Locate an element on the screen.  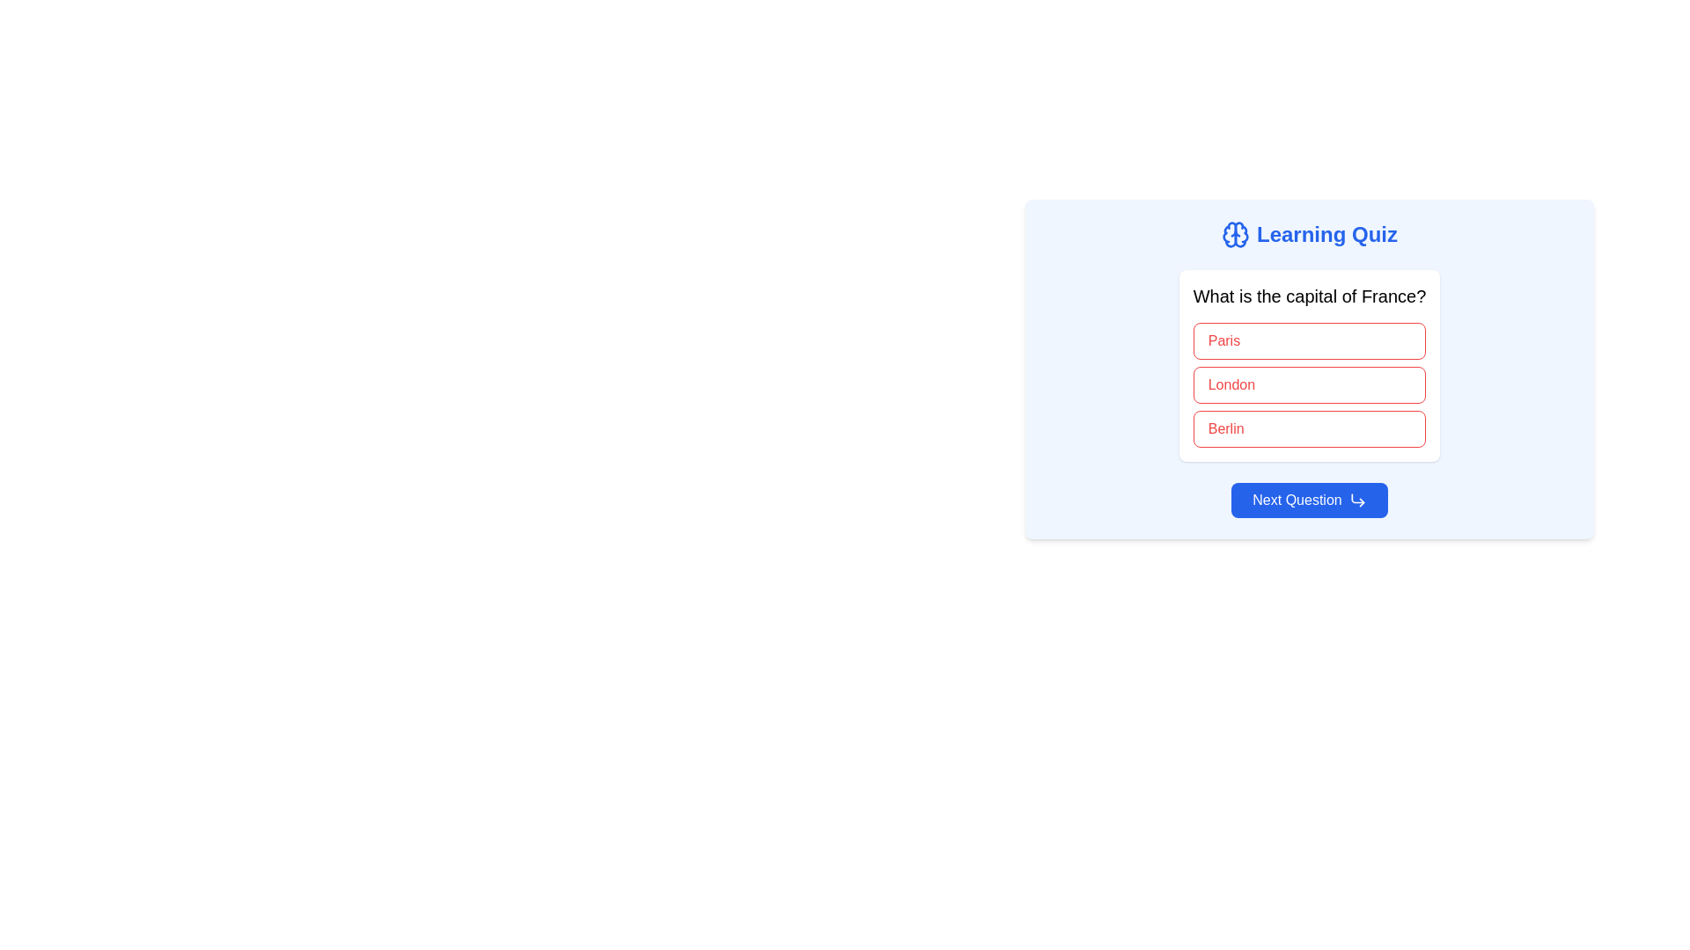
the 'London' button that allows users to select it as their answer to the question 'What is the capital of France?' is located at coordinates (1310, 369).